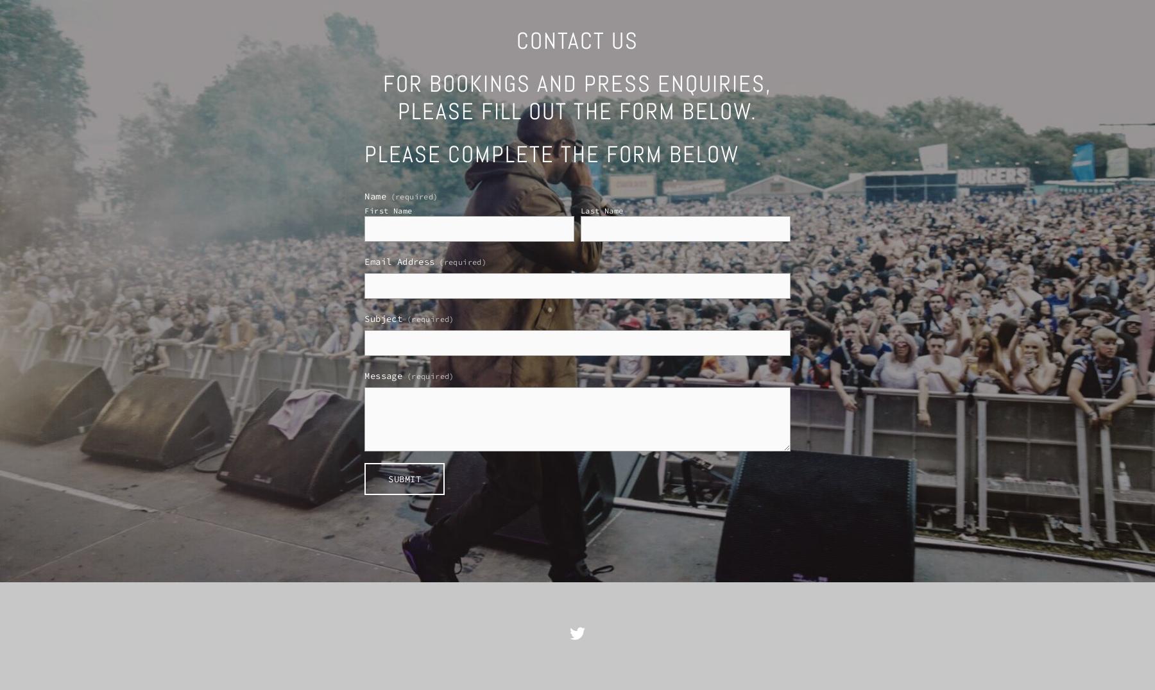 The height and width of the screenshot is (690, 1155). I want to click on 'For bookings and press enquiries, please fill out the form below.', so click(576, 97).